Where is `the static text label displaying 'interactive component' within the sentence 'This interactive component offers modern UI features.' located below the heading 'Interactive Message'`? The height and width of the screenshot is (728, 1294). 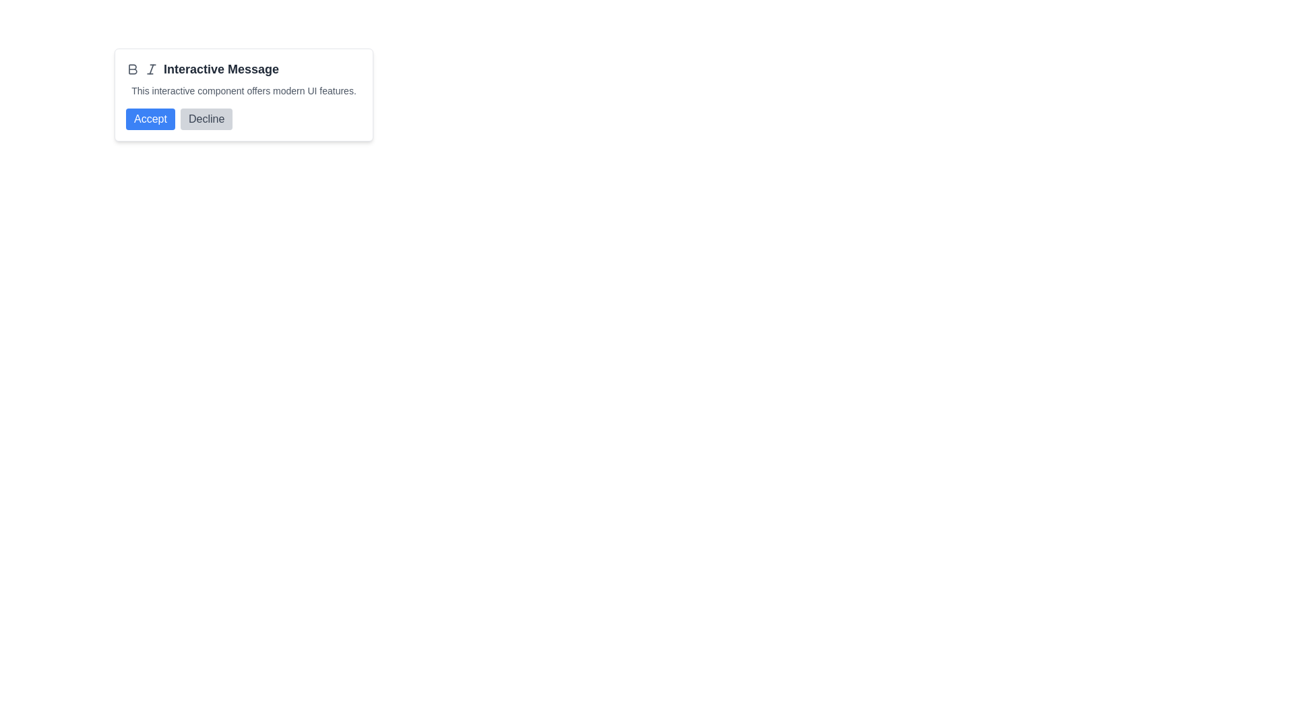 the static text label displaying 'interactive component' within the sentence 'This interactive component offers modern UI features.' located below the heading 'Interactive Message' is located at coordinates (197, 91).